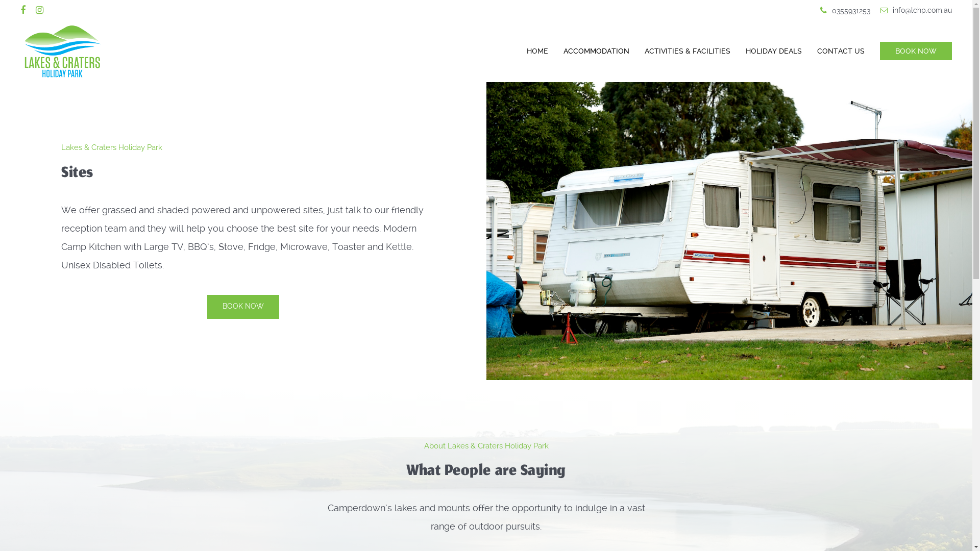 Image resolution: width=980 pixels, height=551 pixels. What do you see at coordinates (596, 51) in the screenshot?
I see `'ACCOMMODATION'` at bounding box center [596, 51].